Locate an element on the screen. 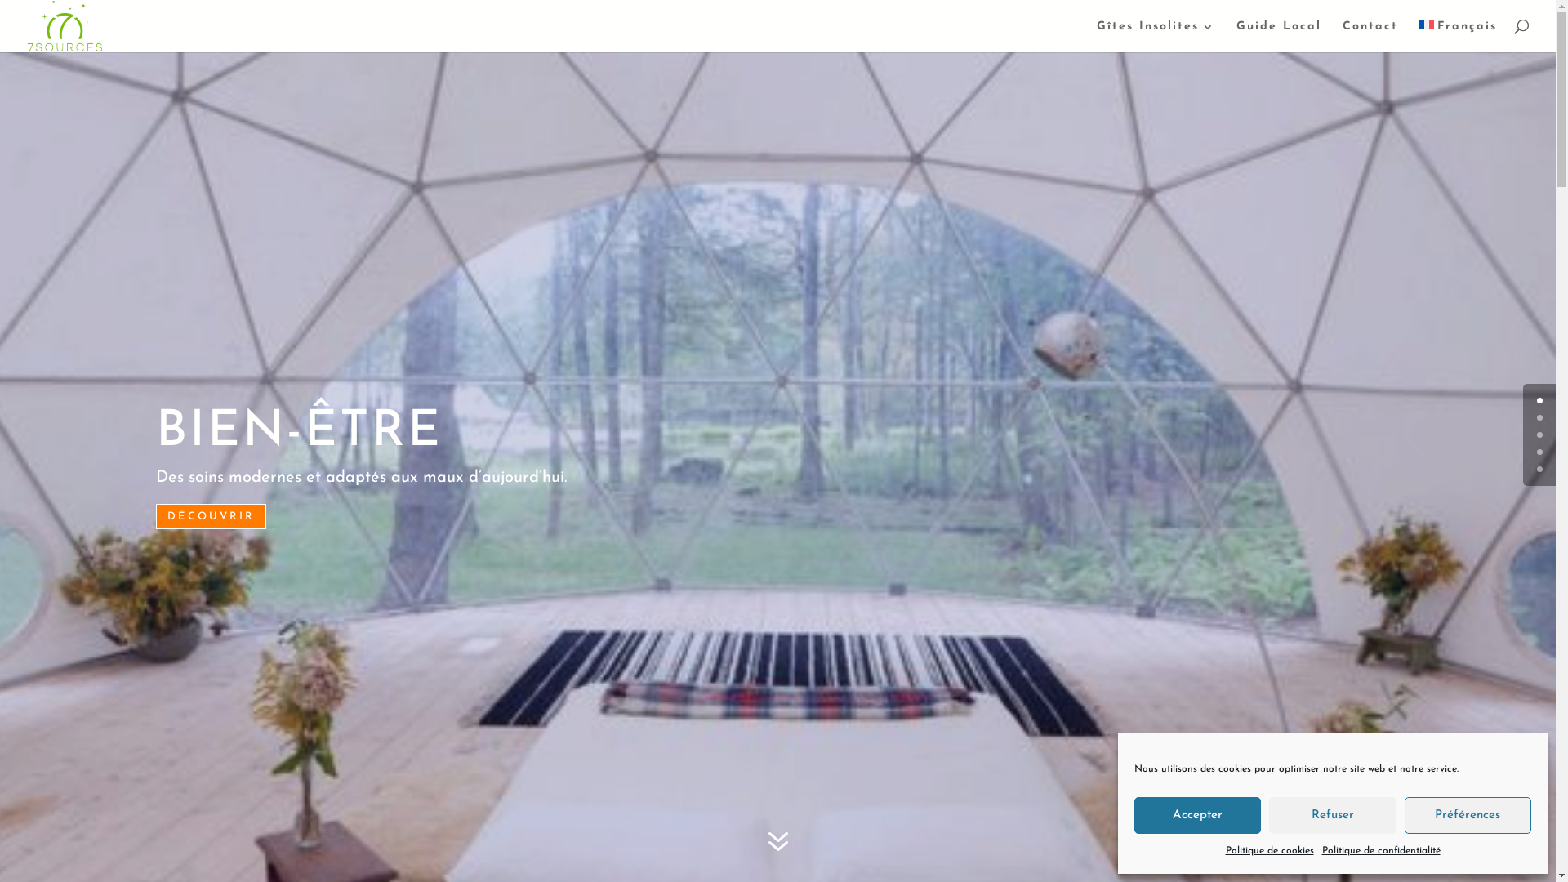 This screenshot has width=1568, height=882. '0' is located at coordinates (1539, 400).